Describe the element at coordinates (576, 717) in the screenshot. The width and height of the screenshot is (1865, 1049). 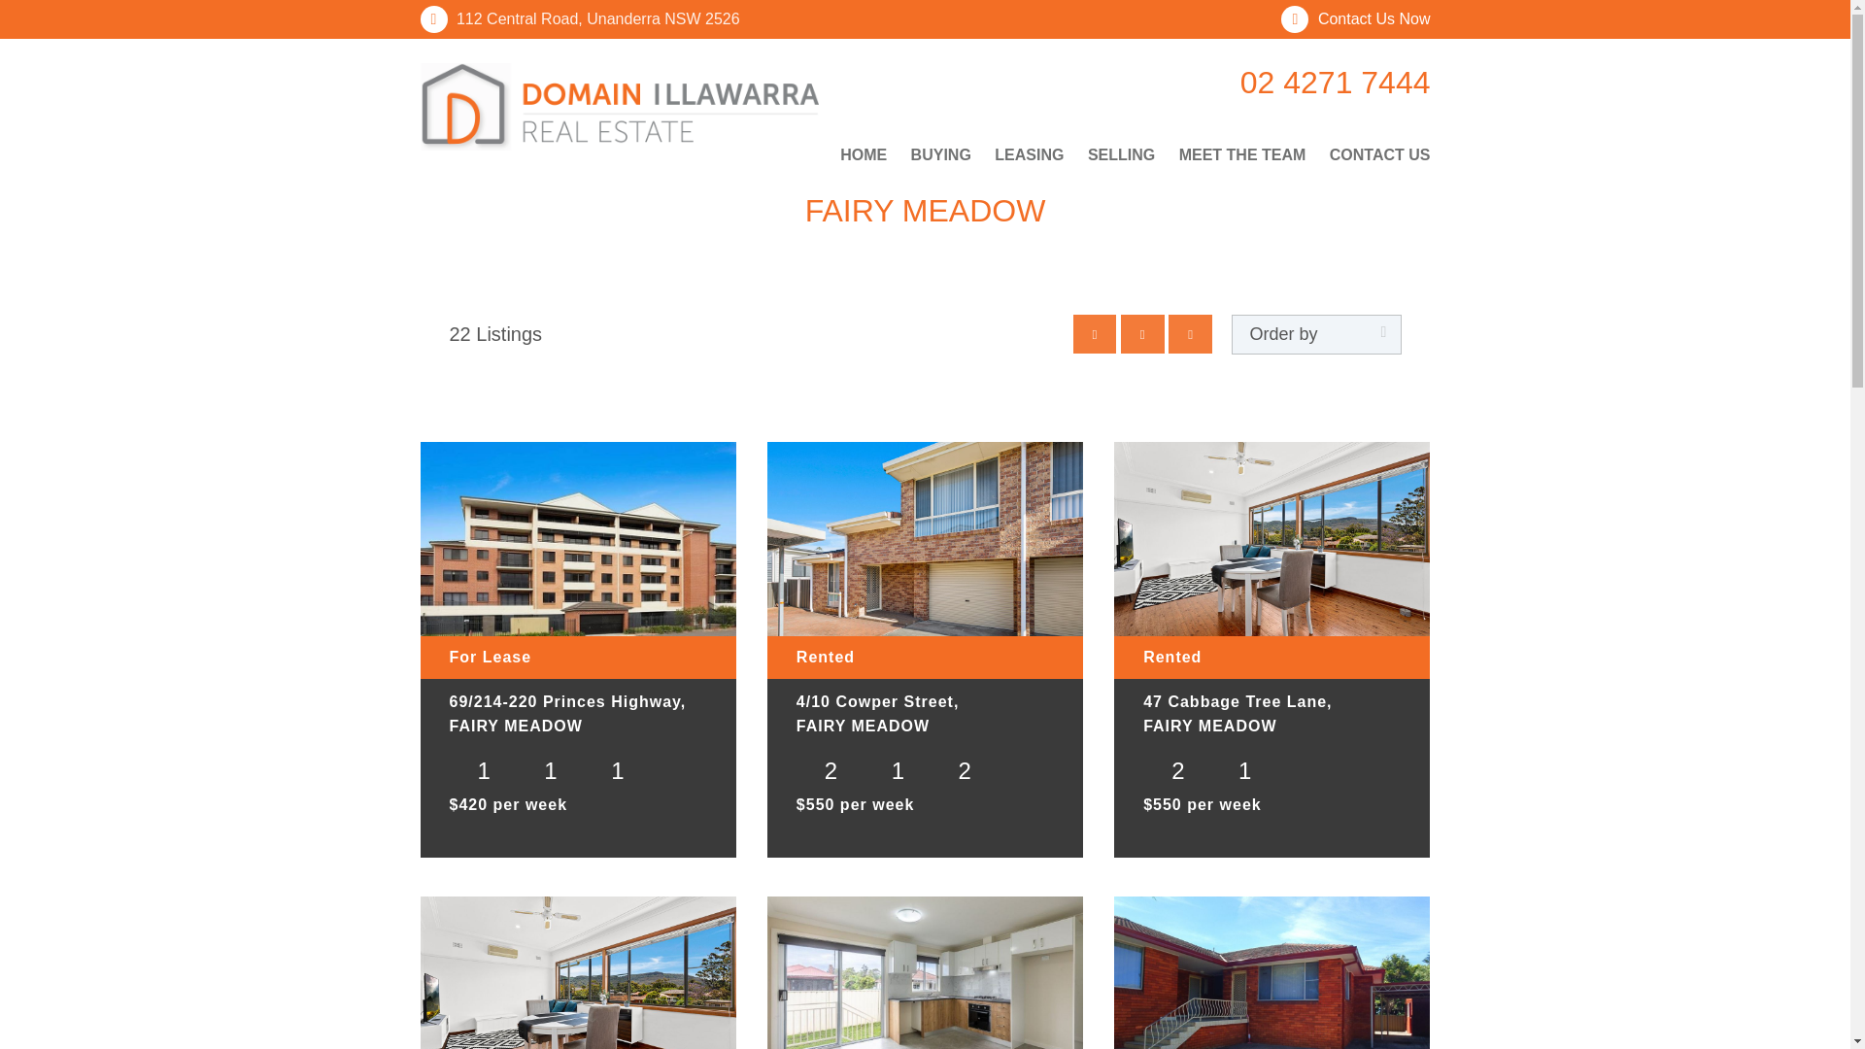
I see `'69/214-220 Princes Highway,` at that location.